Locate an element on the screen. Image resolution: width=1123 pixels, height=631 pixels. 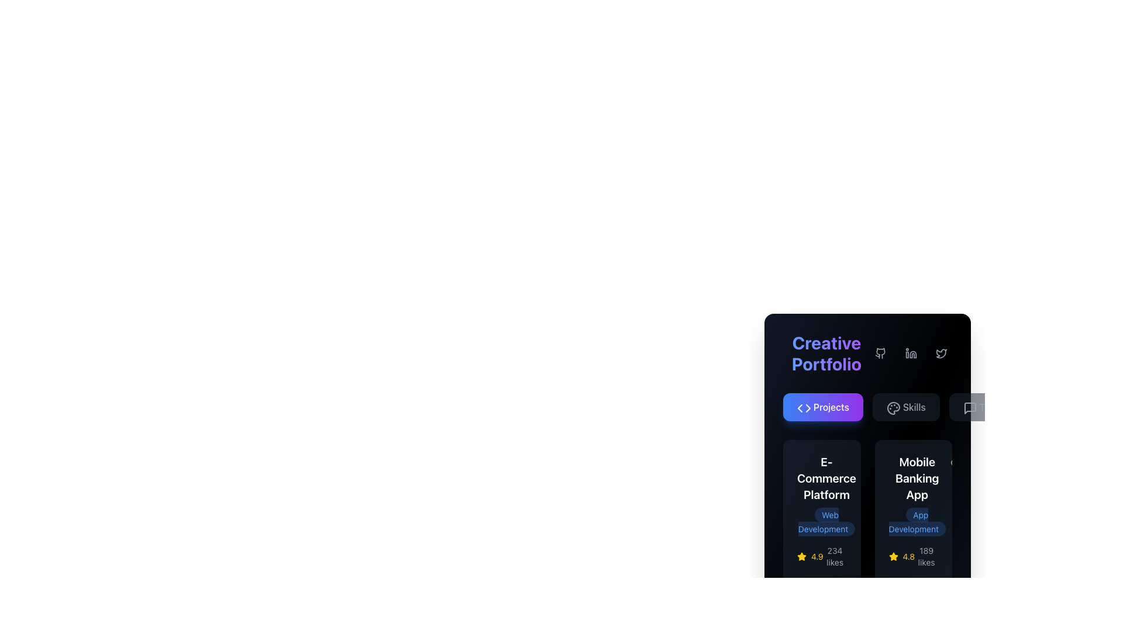
the 'App Development' badge located beneath the 'Mobile Banking App' text, which indicates a relevant characteristic of the section is located at coordinates (917, 521).